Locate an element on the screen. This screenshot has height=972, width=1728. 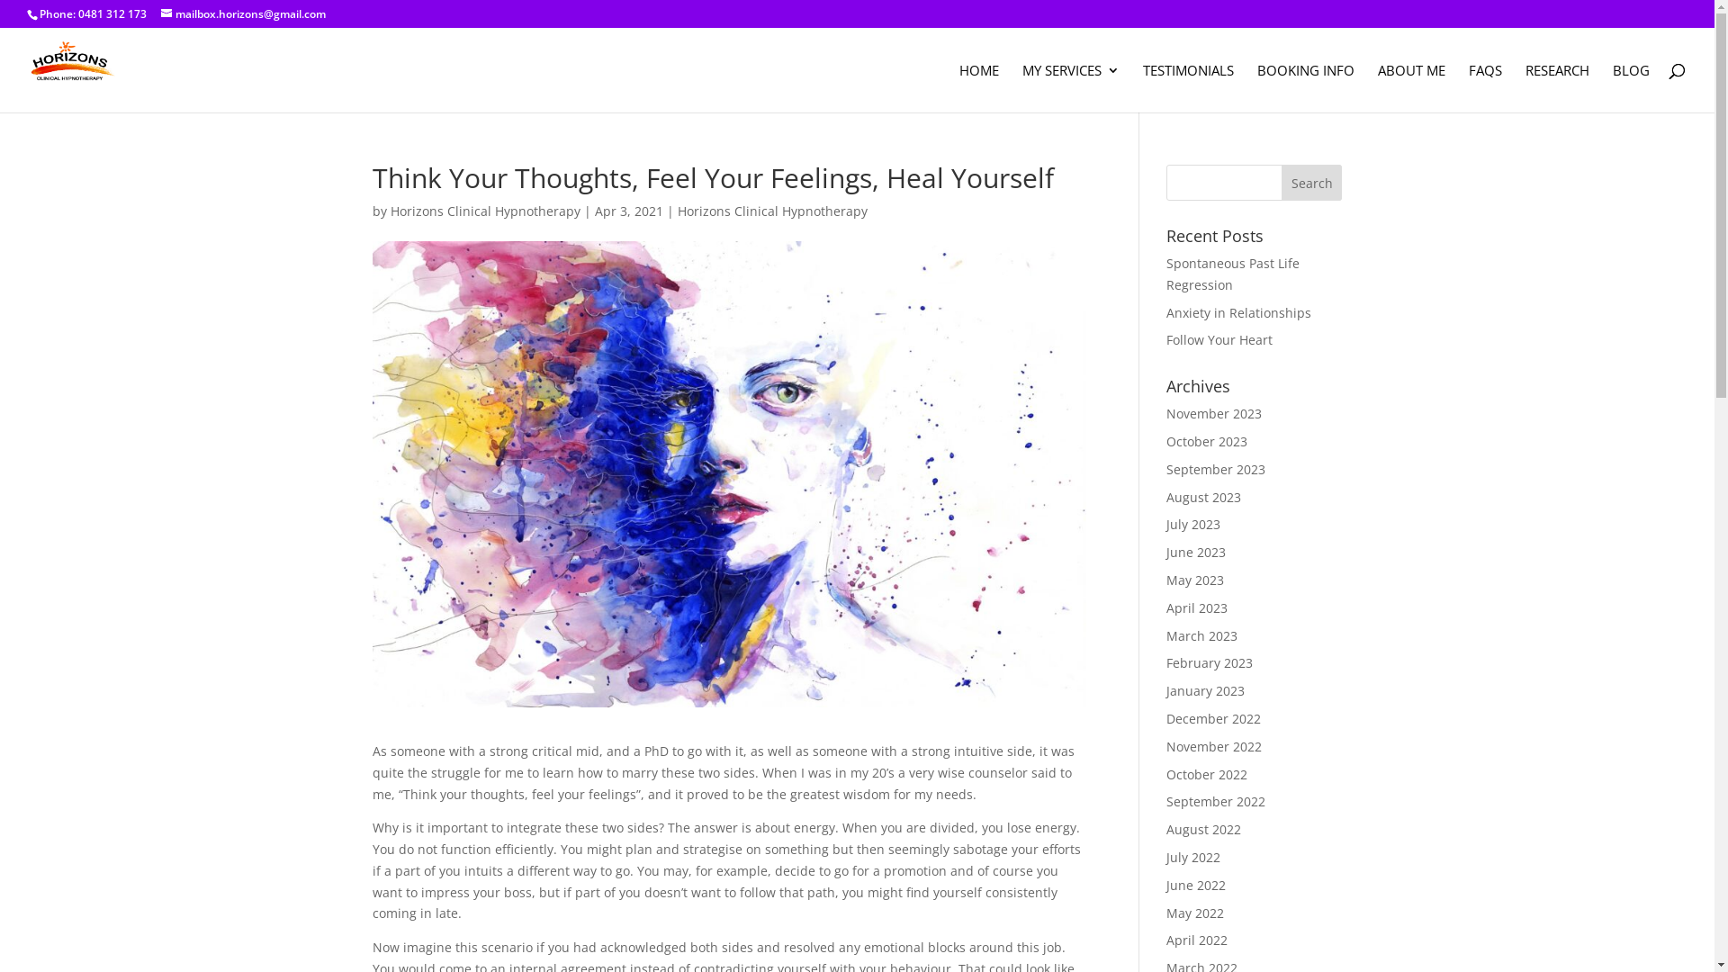
'October 2023' is located at coordinates (1206, 441).